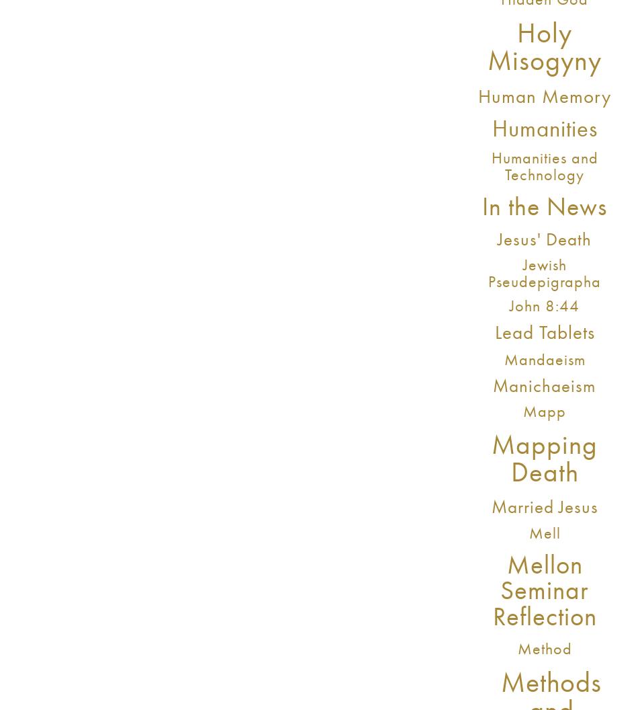  I want to click on 'In the News', so click(543, 205).